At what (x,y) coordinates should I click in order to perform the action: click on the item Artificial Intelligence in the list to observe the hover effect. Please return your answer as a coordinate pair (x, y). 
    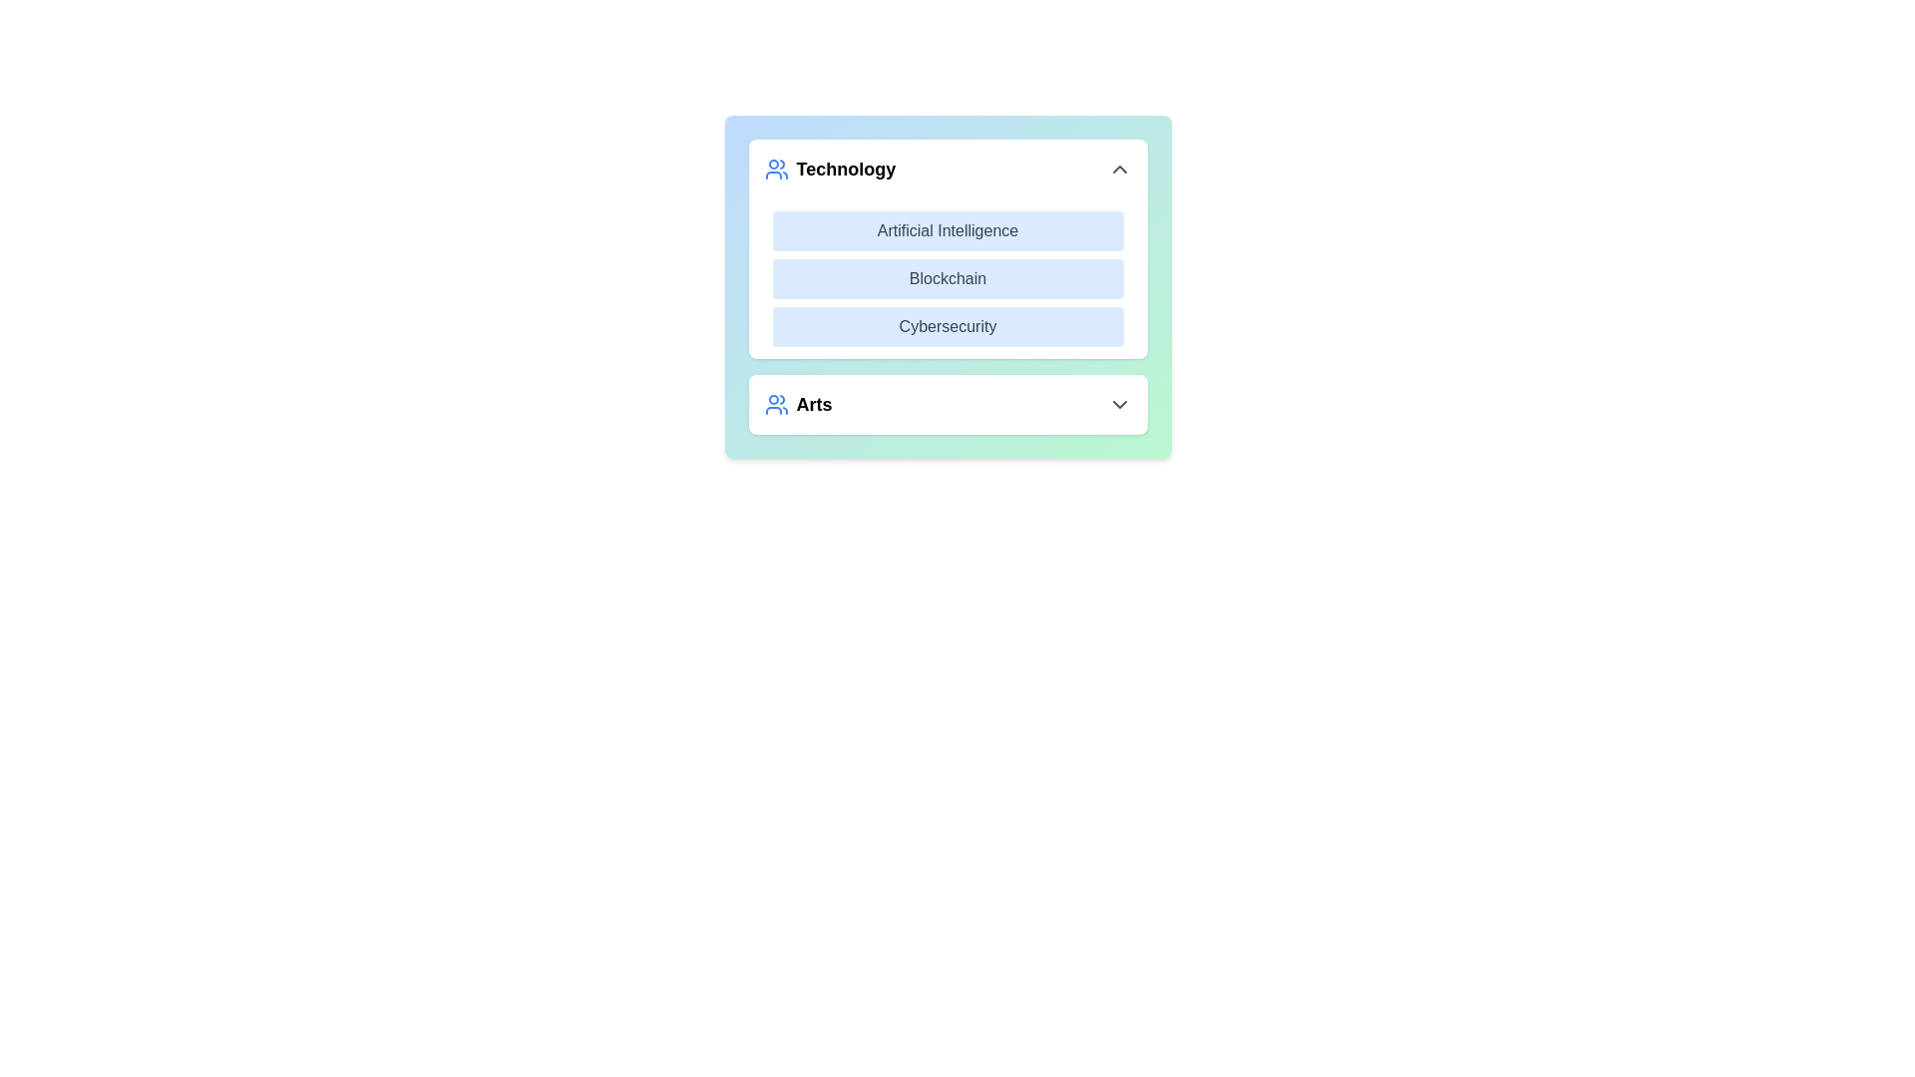
    Looking at the image, I should click on (947, 229).